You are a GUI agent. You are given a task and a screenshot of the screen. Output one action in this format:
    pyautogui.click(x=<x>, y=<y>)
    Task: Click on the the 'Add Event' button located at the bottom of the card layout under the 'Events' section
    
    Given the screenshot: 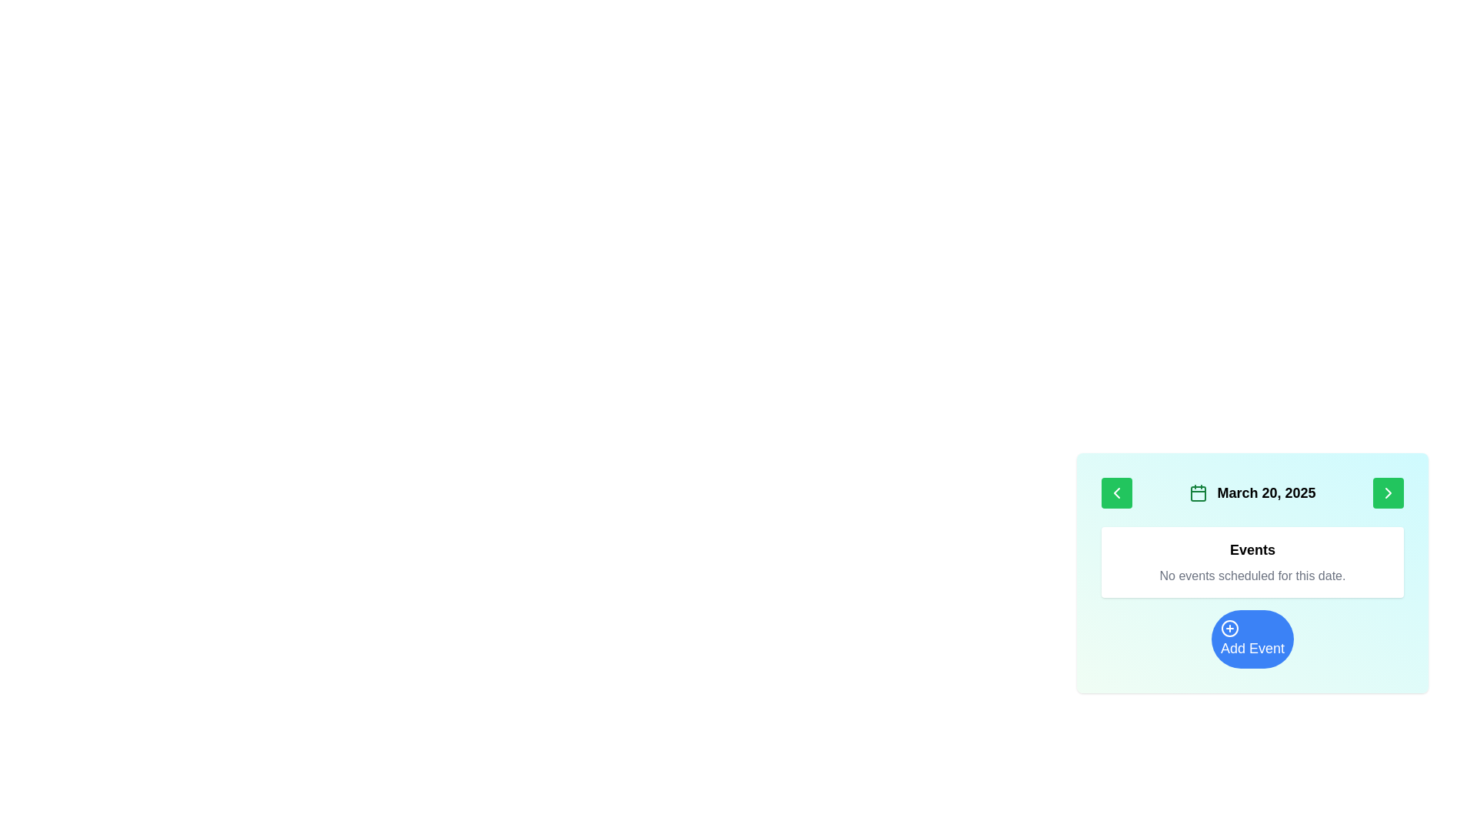 What is the action you would take?
    pyautogui.click(x=1252, y=639)
    